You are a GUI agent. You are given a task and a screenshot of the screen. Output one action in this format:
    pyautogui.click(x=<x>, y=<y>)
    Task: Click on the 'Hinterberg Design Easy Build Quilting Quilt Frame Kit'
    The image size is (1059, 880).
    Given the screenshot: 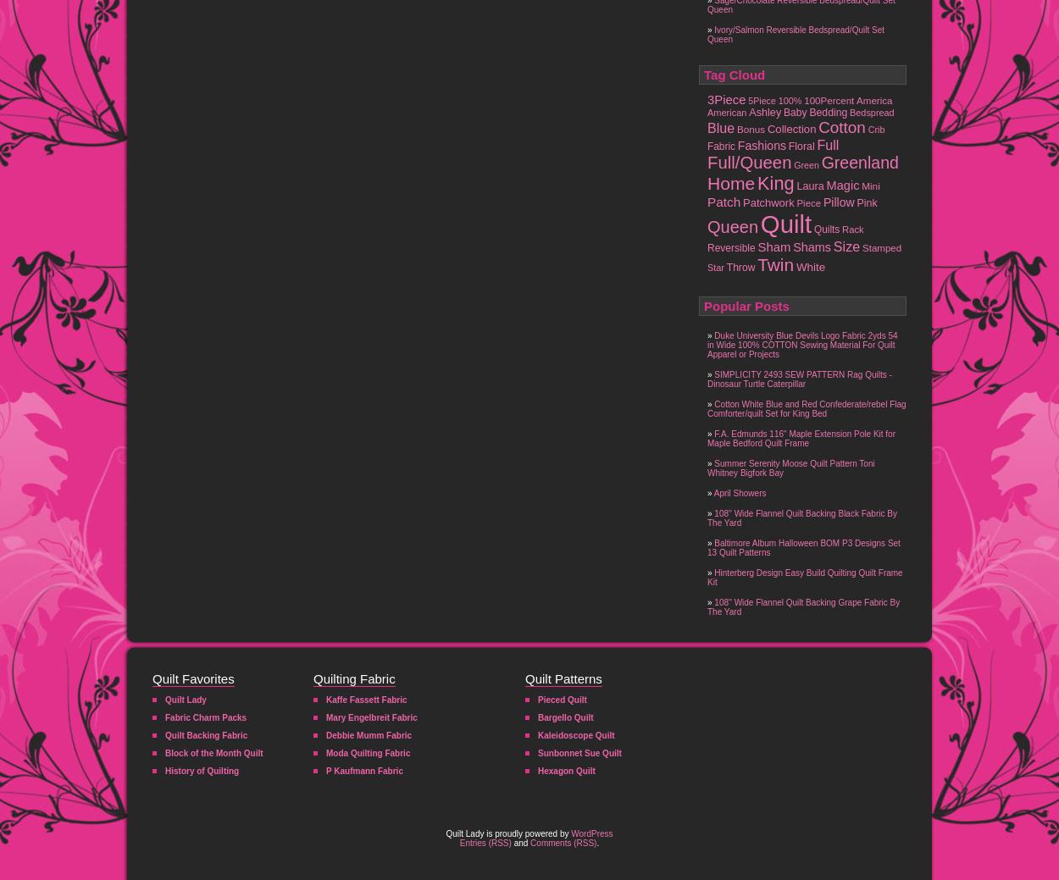 What is the action you would take?
    pyautogui.click(x=804, y=577)
    